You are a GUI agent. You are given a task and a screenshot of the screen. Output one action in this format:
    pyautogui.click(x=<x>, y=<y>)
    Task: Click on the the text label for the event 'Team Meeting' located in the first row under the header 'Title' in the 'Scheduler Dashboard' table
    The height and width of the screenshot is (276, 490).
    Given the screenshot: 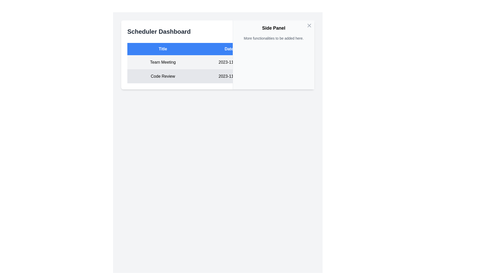 What is the action you would take?
    pyautogui.click(x=163, y=62)
    